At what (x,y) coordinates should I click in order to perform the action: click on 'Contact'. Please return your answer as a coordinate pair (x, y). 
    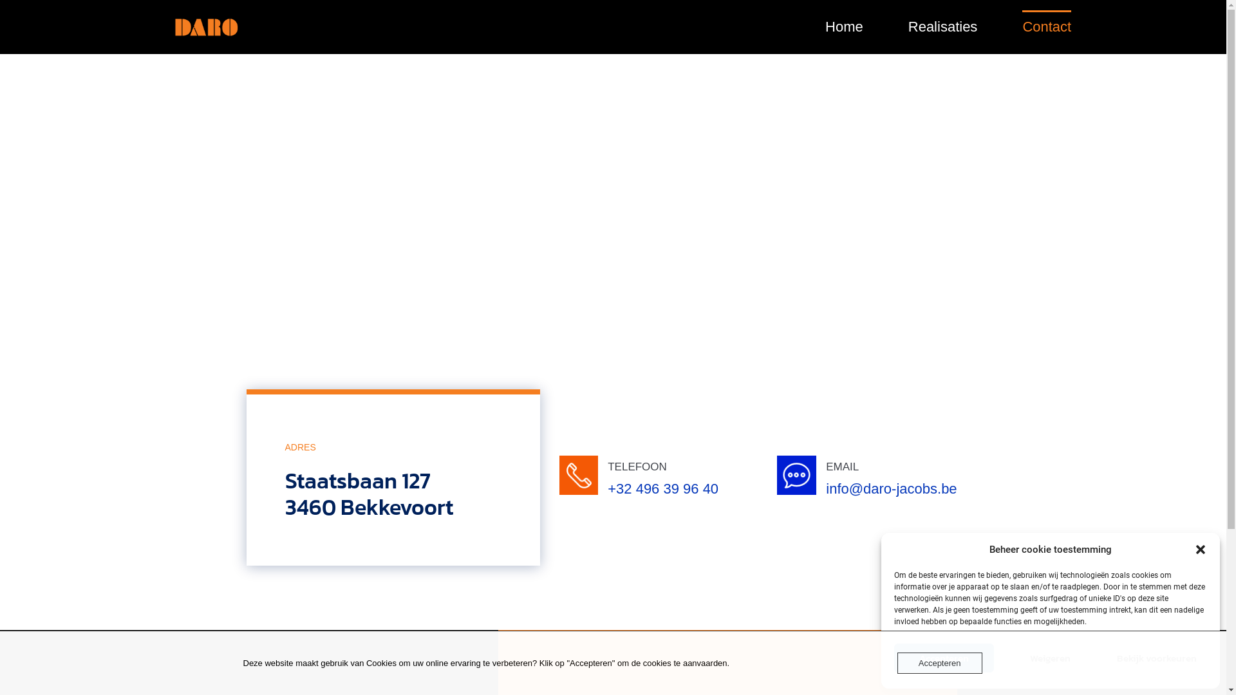
    Looking at the image, I should click on (1047, 27).